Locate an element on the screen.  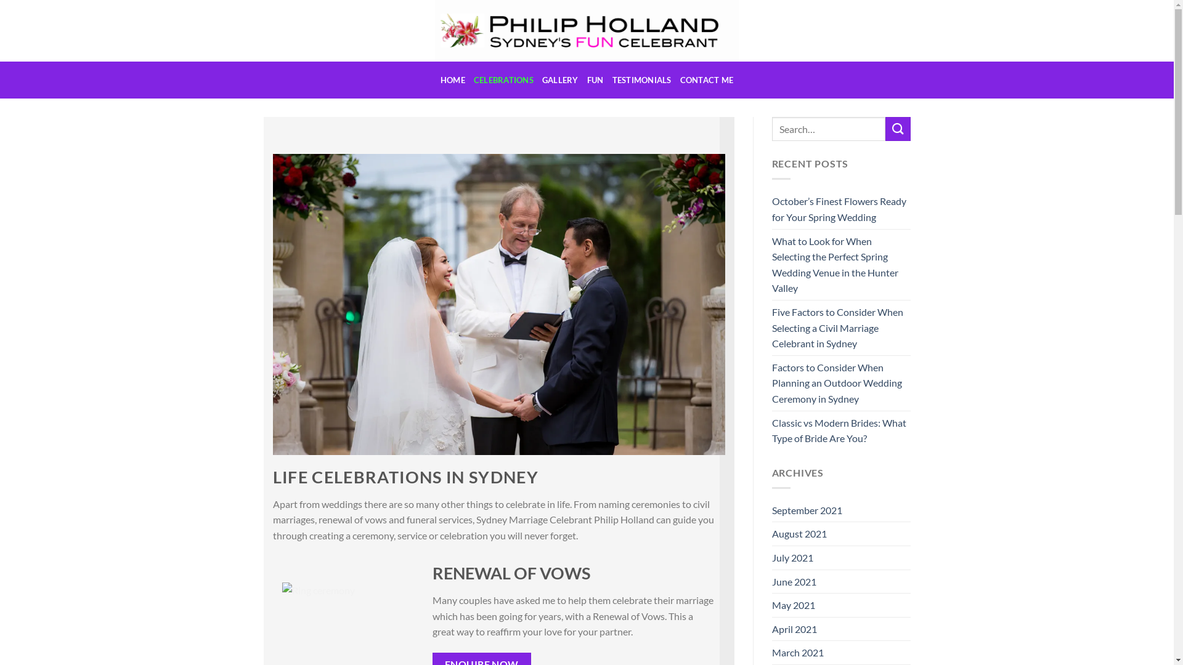
'TESTIMONIALS' is located at coordinates (641, 80).